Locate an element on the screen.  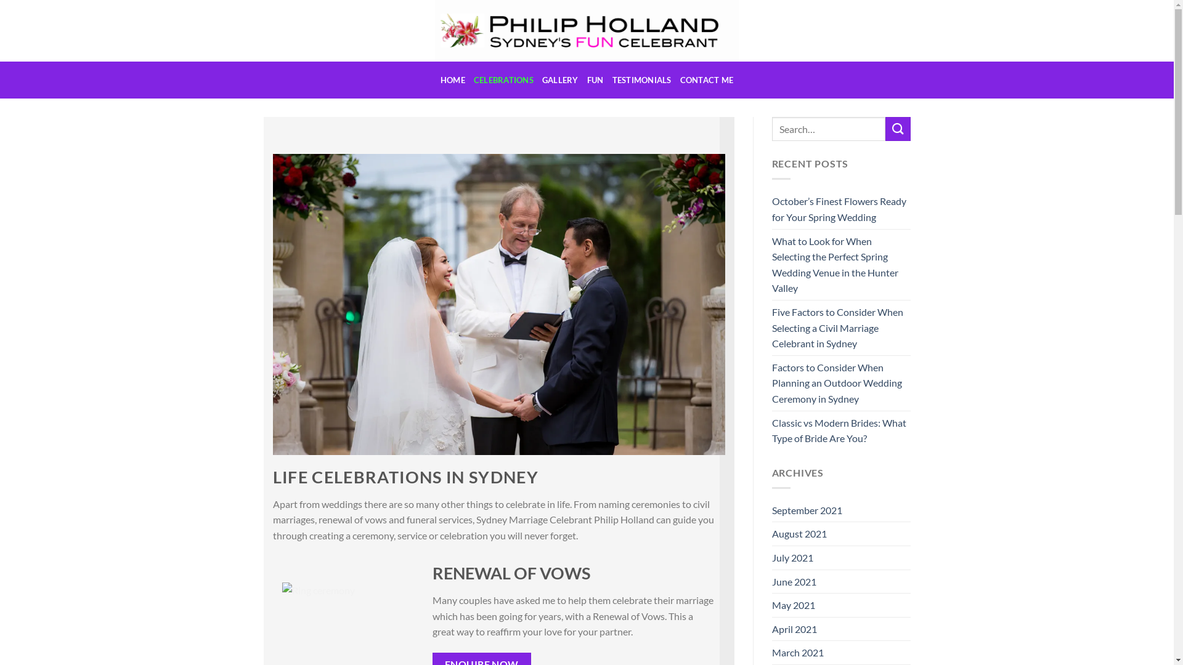
'TESTIMONIALS' is located at coordinates (641, 80).